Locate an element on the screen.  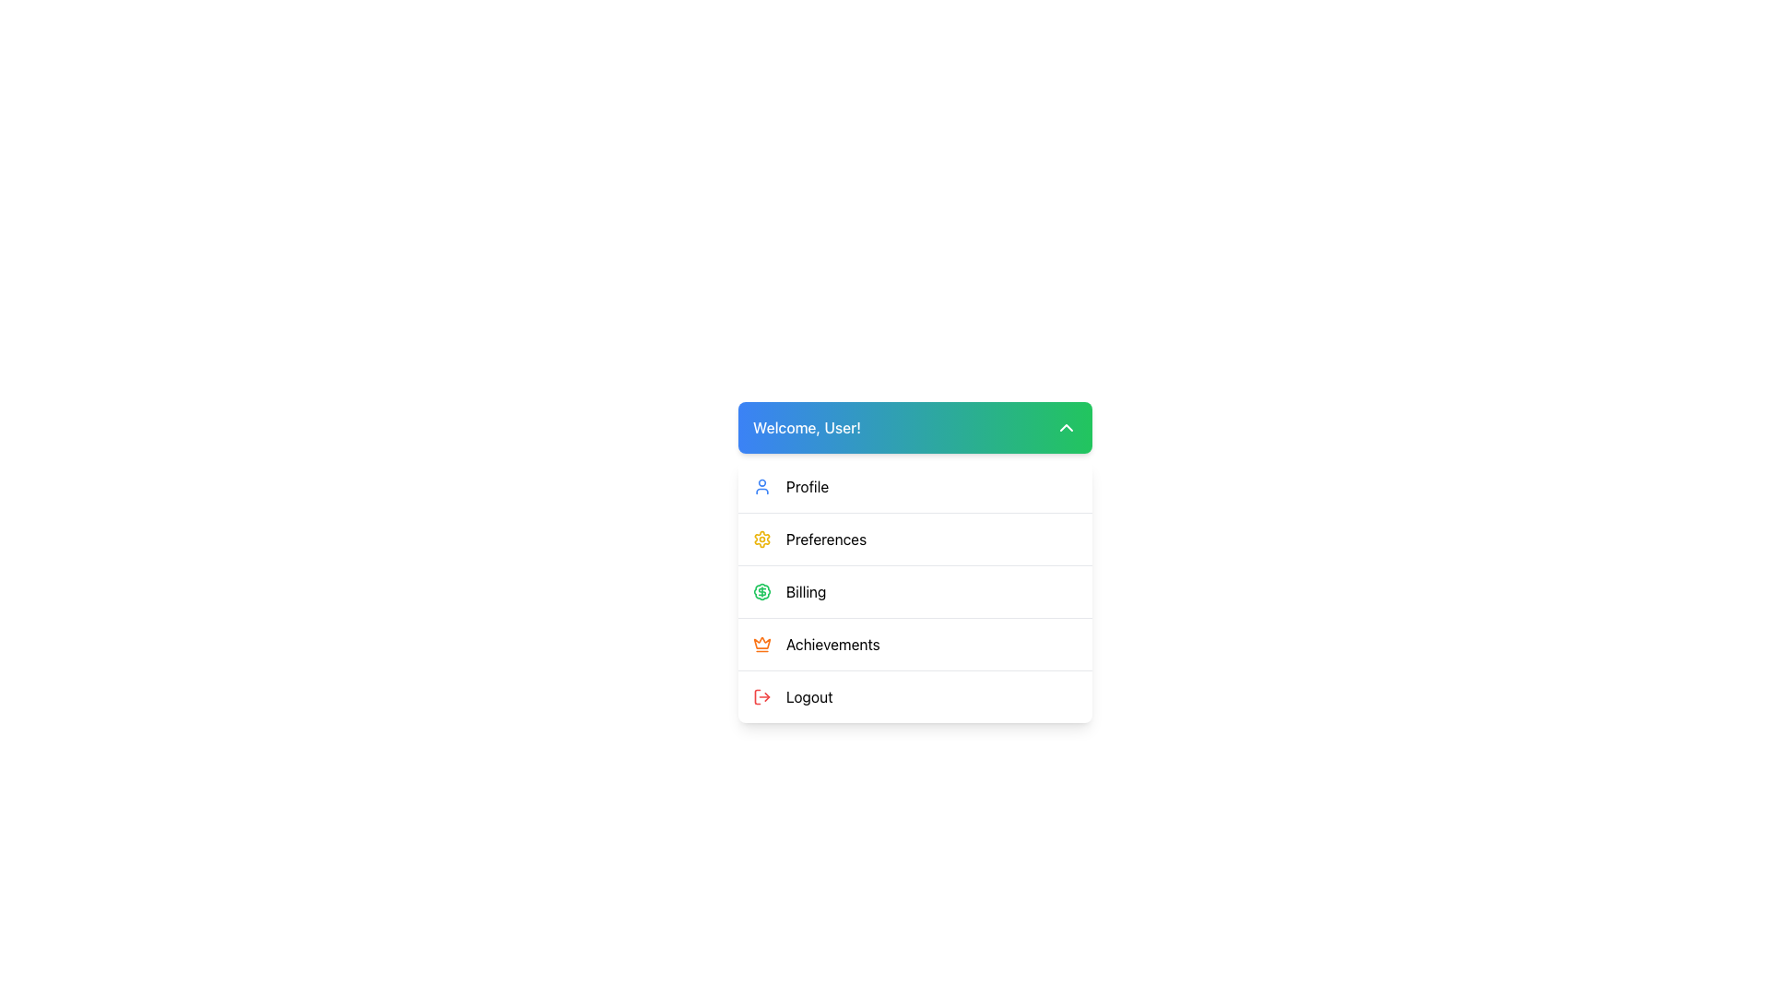
the logout icon, which is positioned to the left of the 'Logout' text in the menu item is located at coordinates (761, 697).